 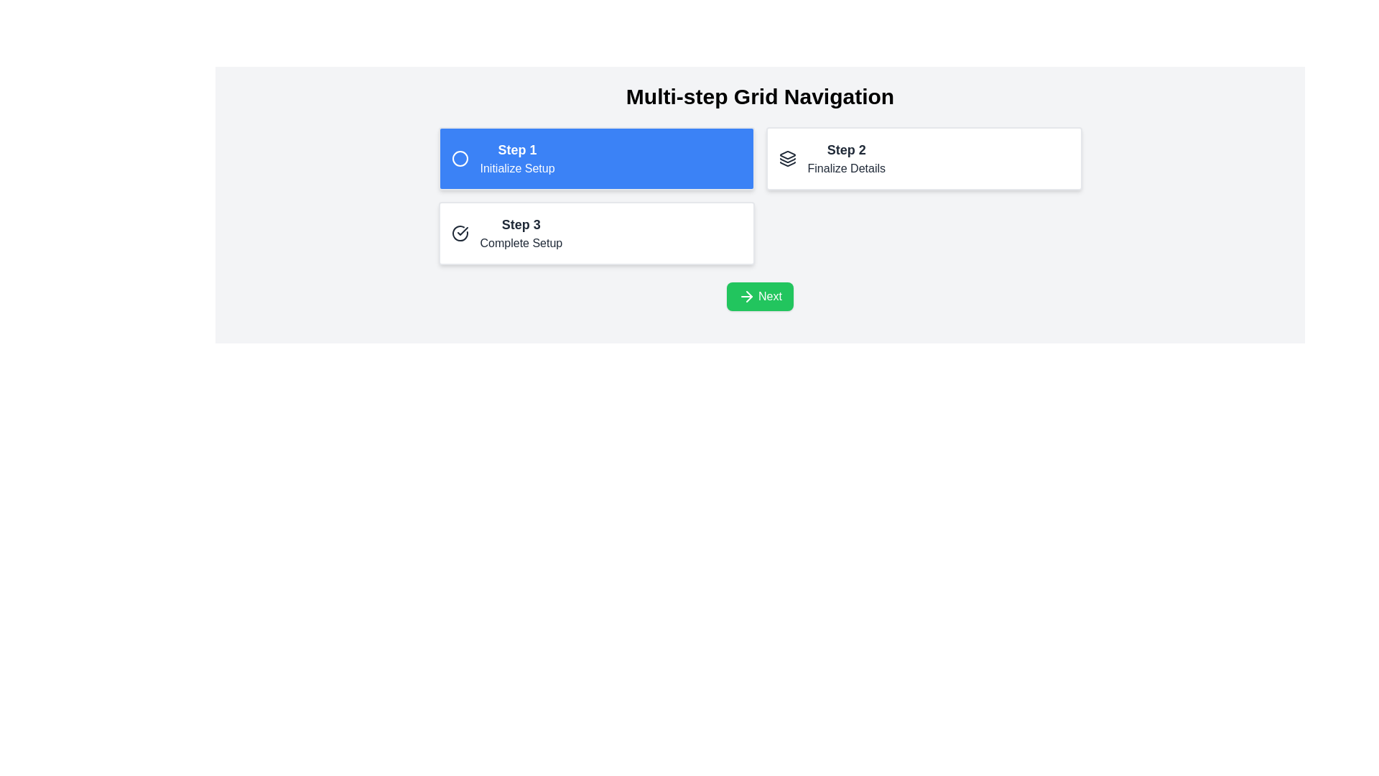 What do you see at coordinates (520, 232) in the screenshot?
I see `the multi-line text label that displays the title and description for 'Step 3' in the multi-step process, located within the third card of the layout` at bounding box center [520, 232].